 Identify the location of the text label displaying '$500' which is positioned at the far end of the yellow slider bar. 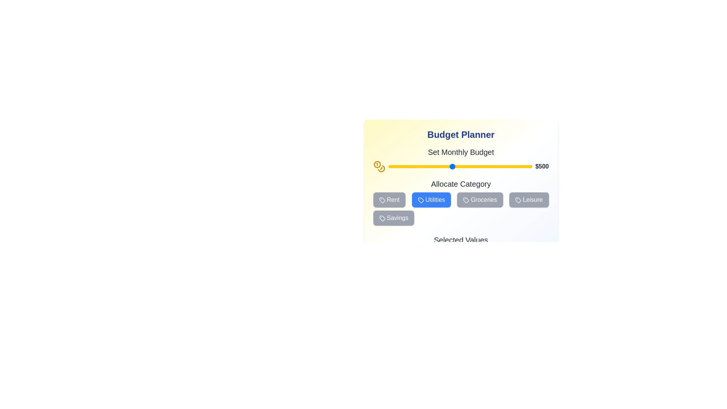
(541, 166).